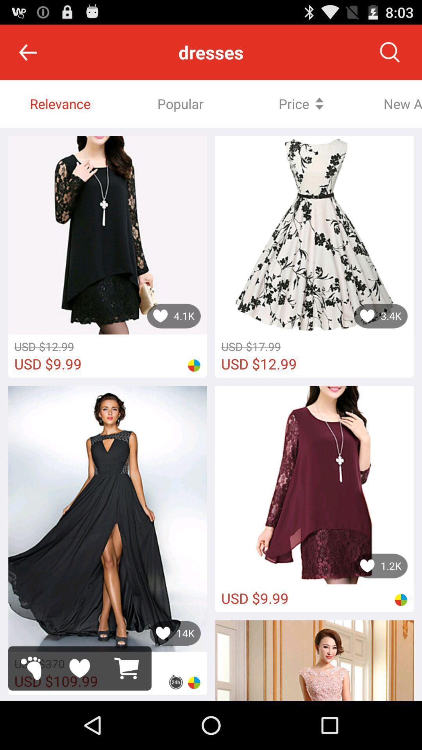 Image resolution: width=422 pixels, height=750 pixels. I want to click on the search icon, so click(390, 55).